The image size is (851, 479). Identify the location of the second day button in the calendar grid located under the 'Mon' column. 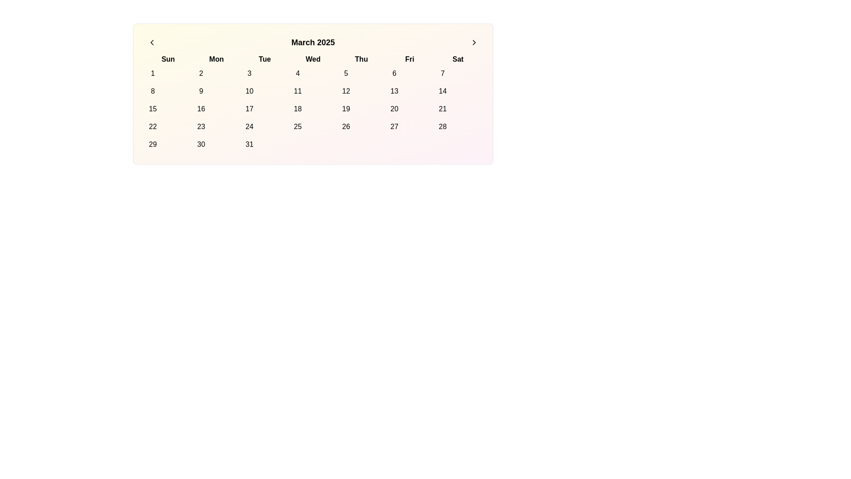
(201, 73).